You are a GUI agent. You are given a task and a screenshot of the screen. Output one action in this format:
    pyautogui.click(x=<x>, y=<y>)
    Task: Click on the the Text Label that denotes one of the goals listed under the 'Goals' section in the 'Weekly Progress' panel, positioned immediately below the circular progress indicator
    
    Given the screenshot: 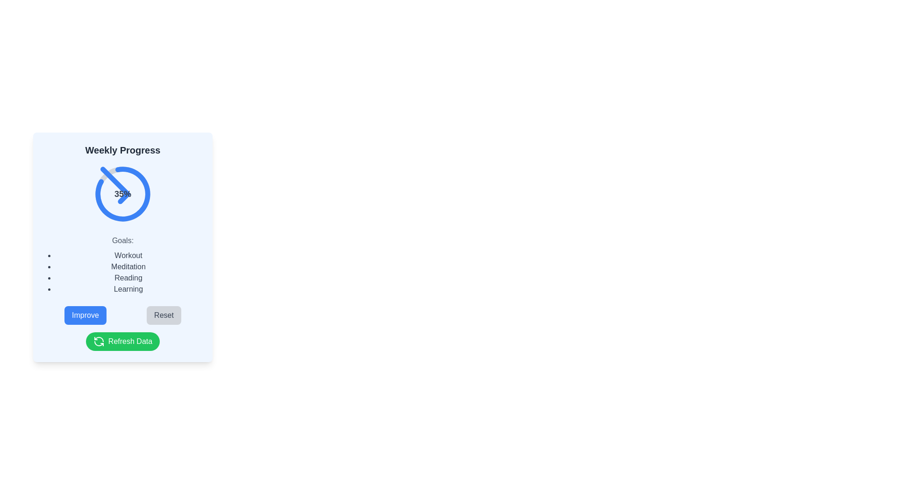 What is the action you would take?
    pyautogui.click(x=128, y=255)
    